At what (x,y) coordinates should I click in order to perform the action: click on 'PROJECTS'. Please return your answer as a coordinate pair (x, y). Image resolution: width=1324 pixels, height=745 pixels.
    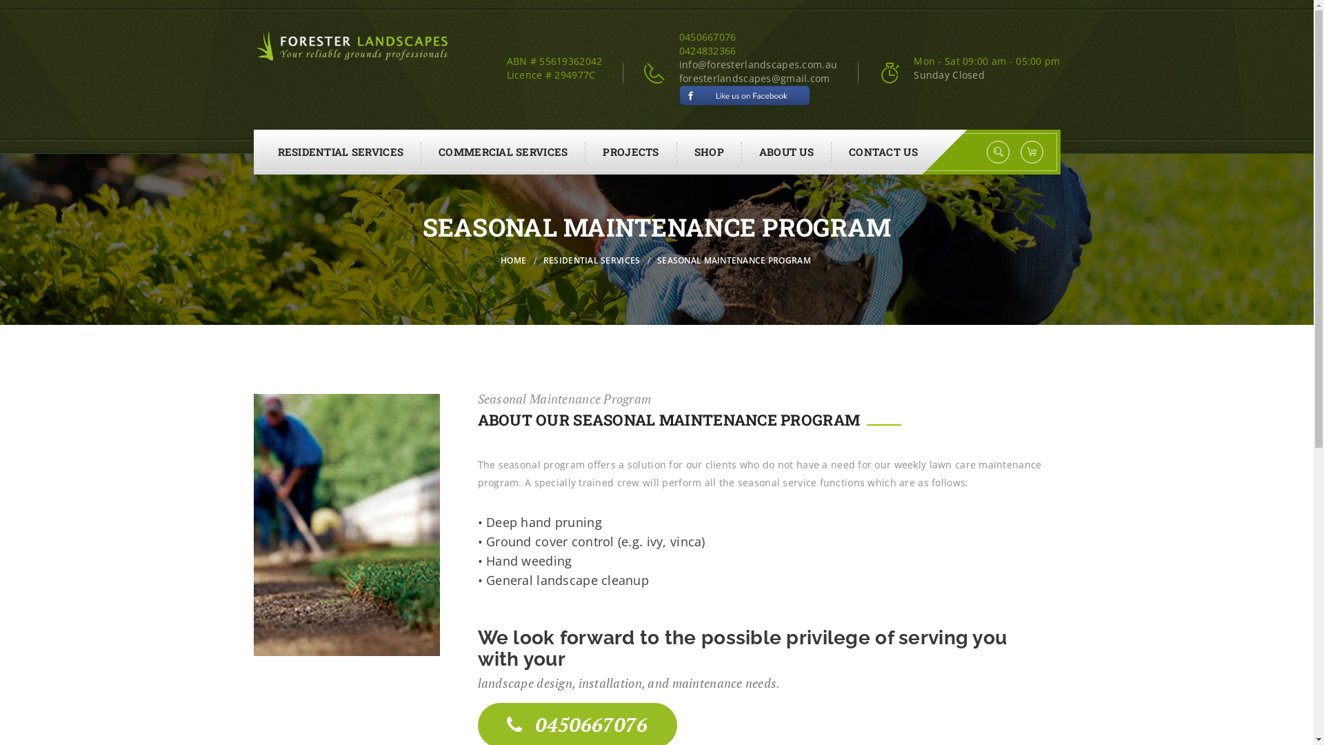
    Looking at the image, I should click on (585, 152).